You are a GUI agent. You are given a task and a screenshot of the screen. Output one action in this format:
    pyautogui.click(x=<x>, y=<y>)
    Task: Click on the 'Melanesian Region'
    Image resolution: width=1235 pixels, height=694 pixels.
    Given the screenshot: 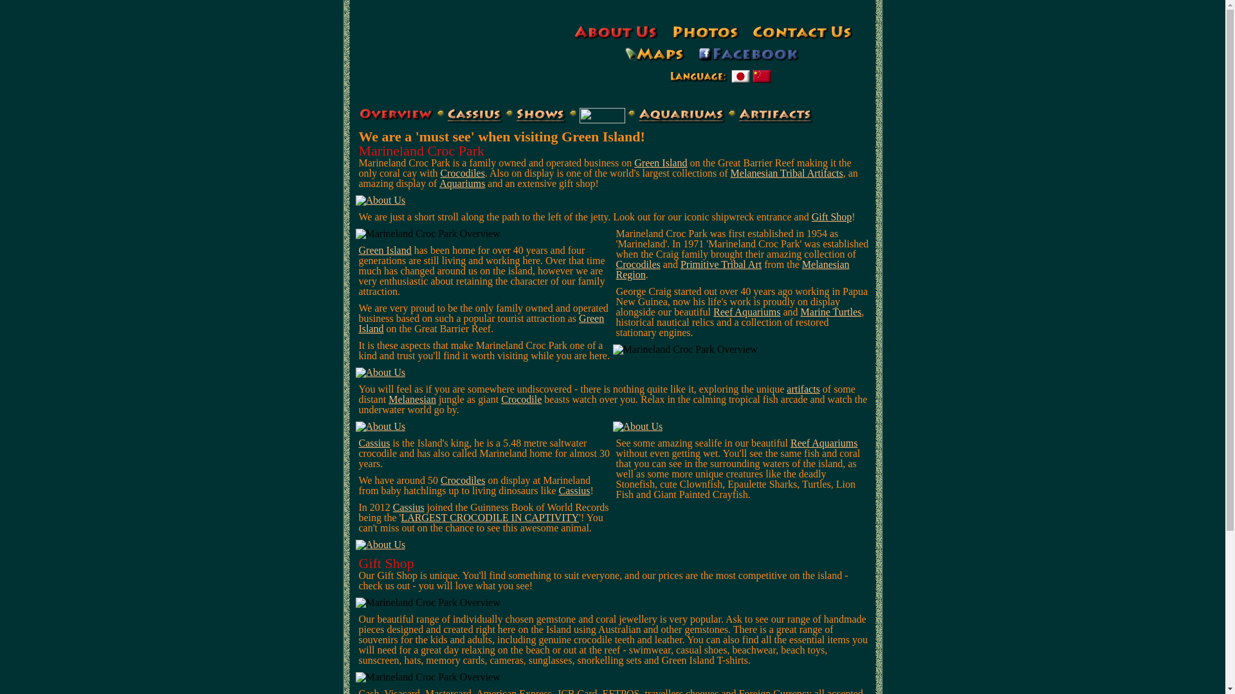 What is the action you would take?
    pyautogui.click(x=616, y=269)
    